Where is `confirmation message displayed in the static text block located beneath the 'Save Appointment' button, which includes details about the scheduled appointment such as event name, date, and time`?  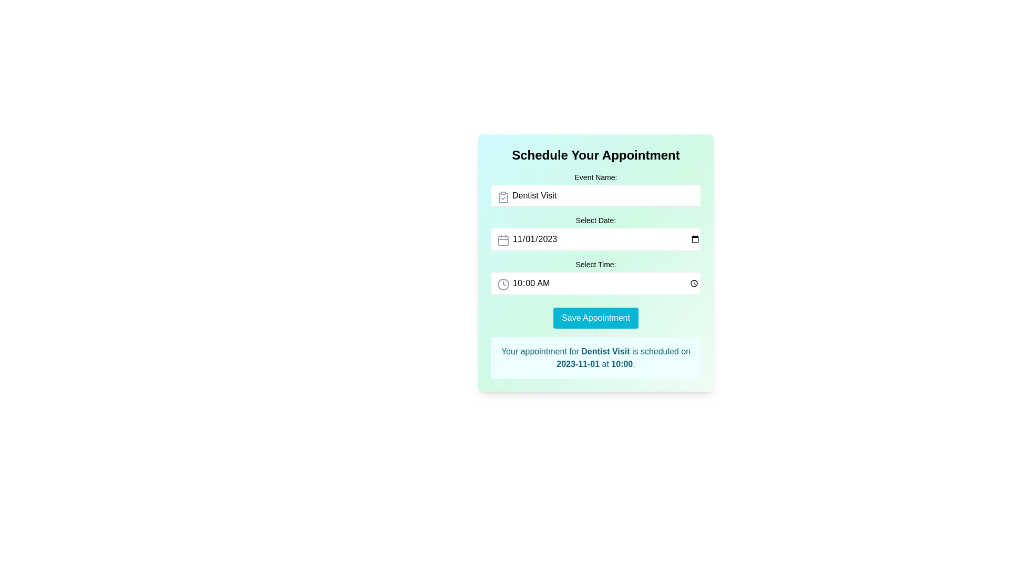 confirmation message displayed in the static text block located beneath the 'Save Appointment' button, which includes details about the scheduled appointment such as event name, date, and time is located at coordinates (595, 358).